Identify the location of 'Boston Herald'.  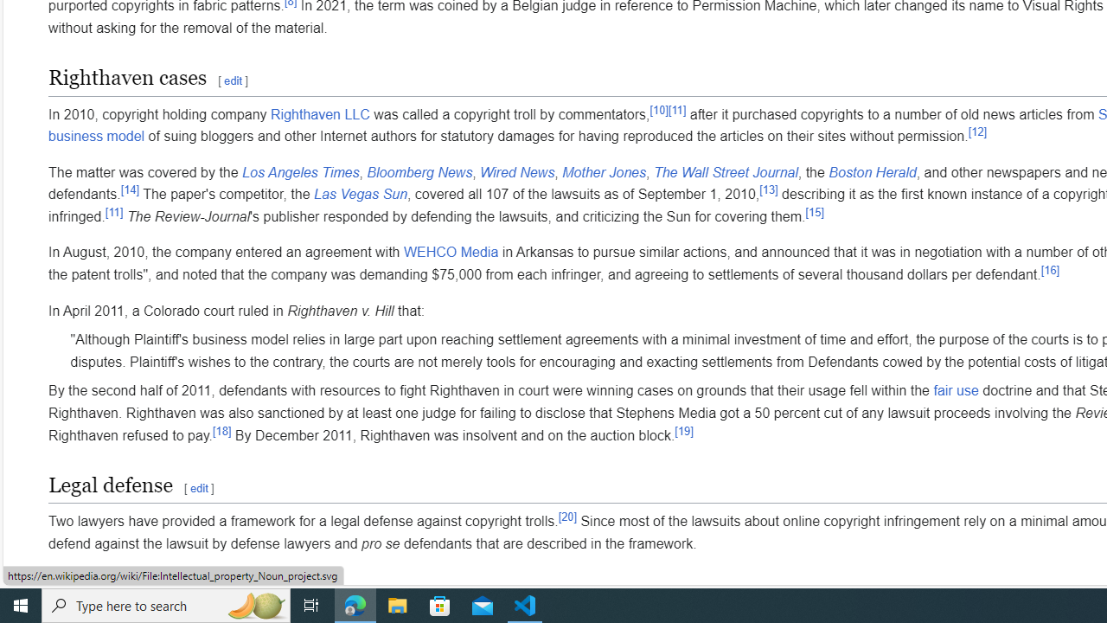
(872, 172).